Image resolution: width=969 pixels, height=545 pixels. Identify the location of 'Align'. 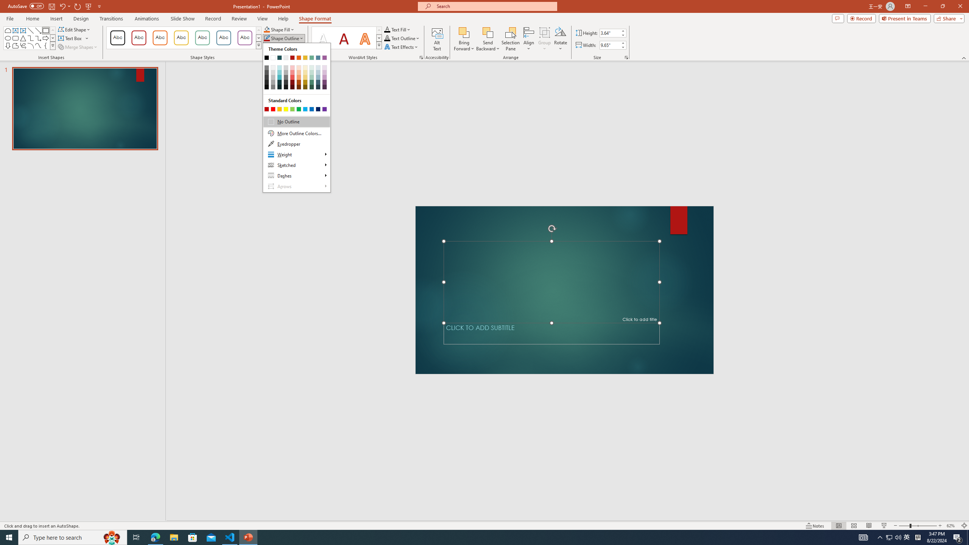
(529, 39).